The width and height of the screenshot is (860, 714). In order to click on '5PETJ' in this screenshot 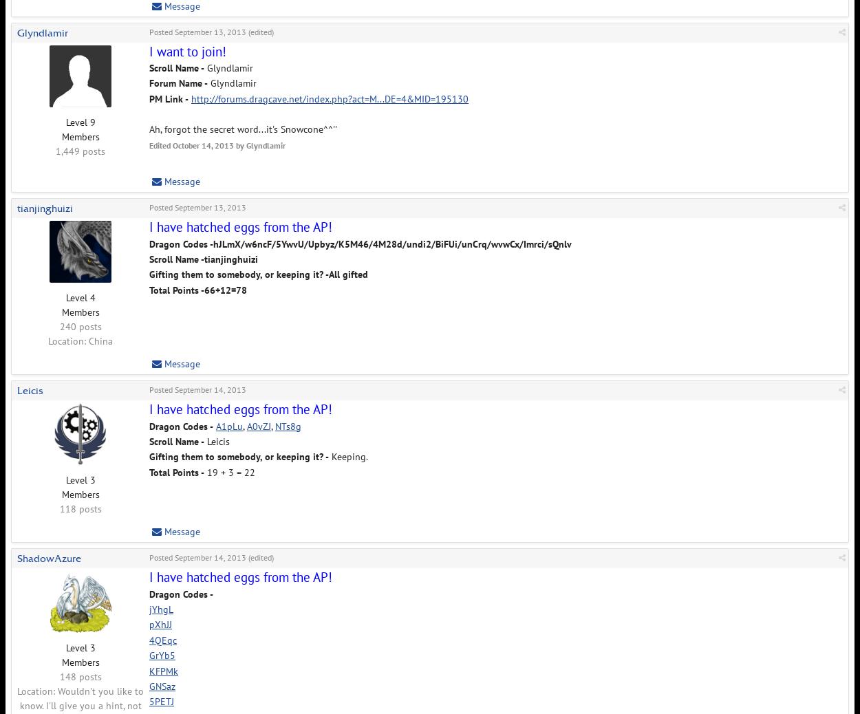, I will do `click(161, 702)`.